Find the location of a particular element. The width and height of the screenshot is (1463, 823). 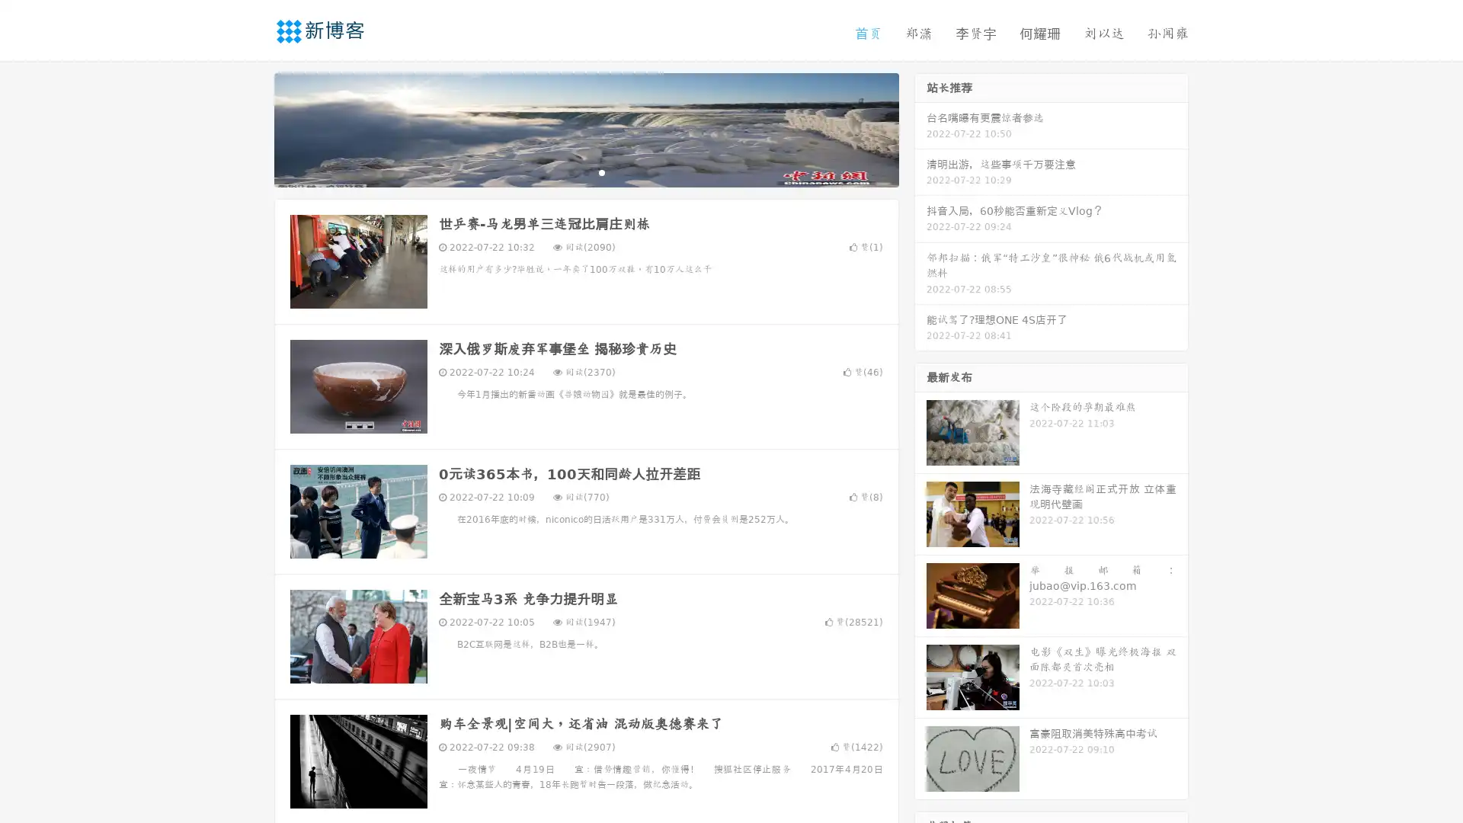

Go to slide 2 is located at coordinates (585, 171).